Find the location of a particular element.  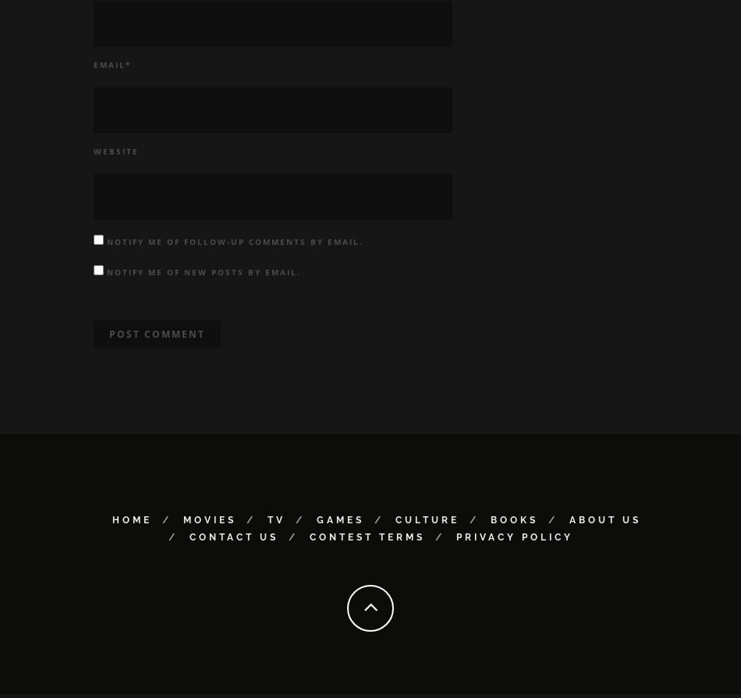

'Email' is located at coordinates (109, 68).